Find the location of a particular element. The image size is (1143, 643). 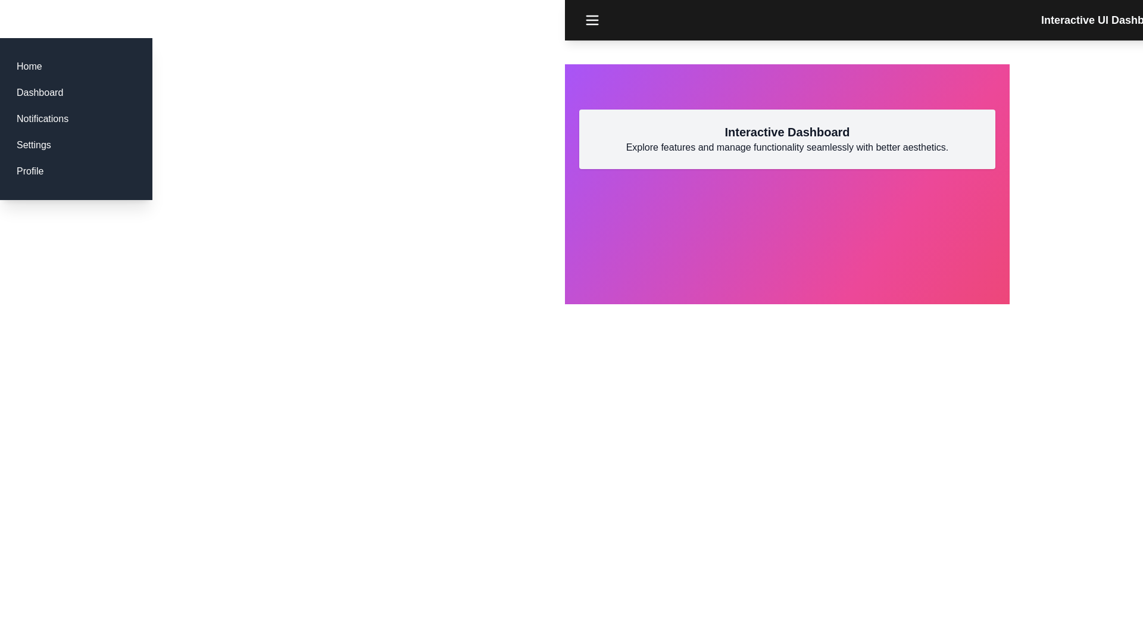

the menu item Notifications from the side navigation menu is located at coordinates (42, 119).